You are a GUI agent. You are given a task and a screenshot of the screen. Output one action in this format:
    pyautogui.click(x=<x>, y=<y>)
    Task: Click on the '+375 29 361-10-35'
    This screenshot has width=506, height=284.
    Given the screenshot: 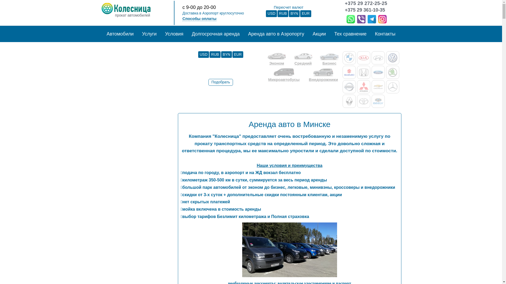 What is the action you would take?
    pyautogui.click(x=345, y=10)
    